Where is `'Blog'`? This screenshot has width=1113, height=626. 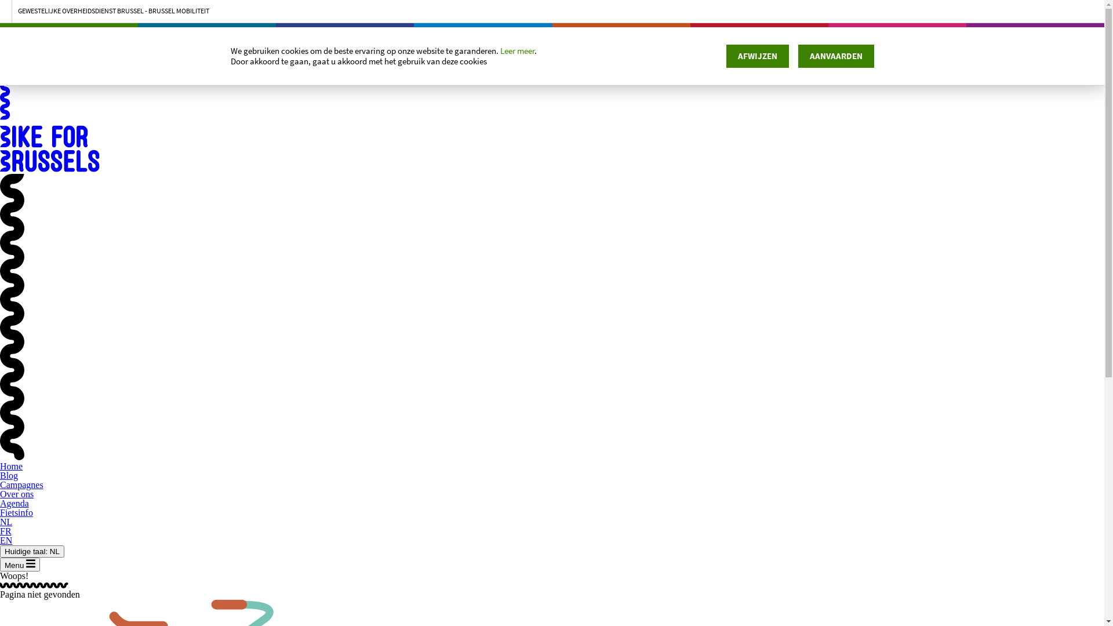 'Blog' is located at coordinates (9, 475).